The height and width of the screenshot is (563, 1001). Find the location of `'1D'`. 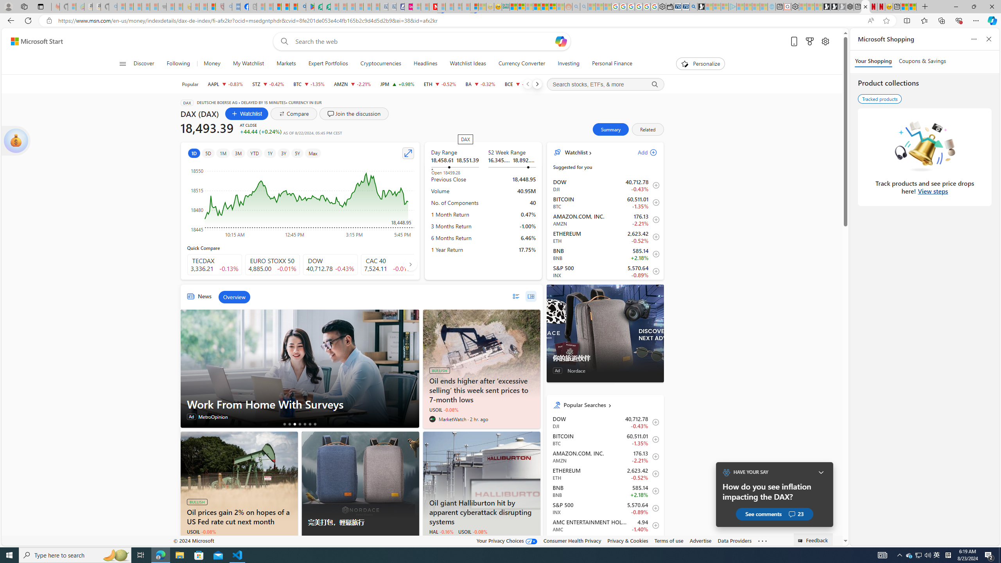

'1D' is located at coordinates (194, 153).